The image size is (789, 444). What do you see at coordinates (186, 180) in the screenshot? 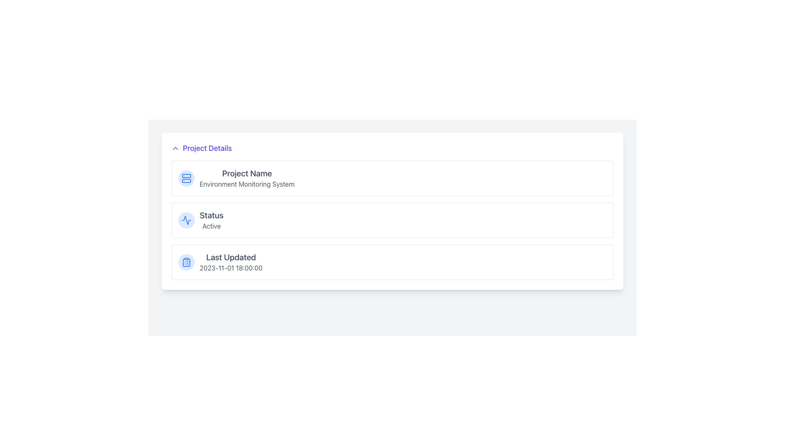
I see `the decorative part of the server icon, which is the second horizontal bar stacked vertically within the icon located to the left of the 'Project Name' label` at bounding box center [186, 180].